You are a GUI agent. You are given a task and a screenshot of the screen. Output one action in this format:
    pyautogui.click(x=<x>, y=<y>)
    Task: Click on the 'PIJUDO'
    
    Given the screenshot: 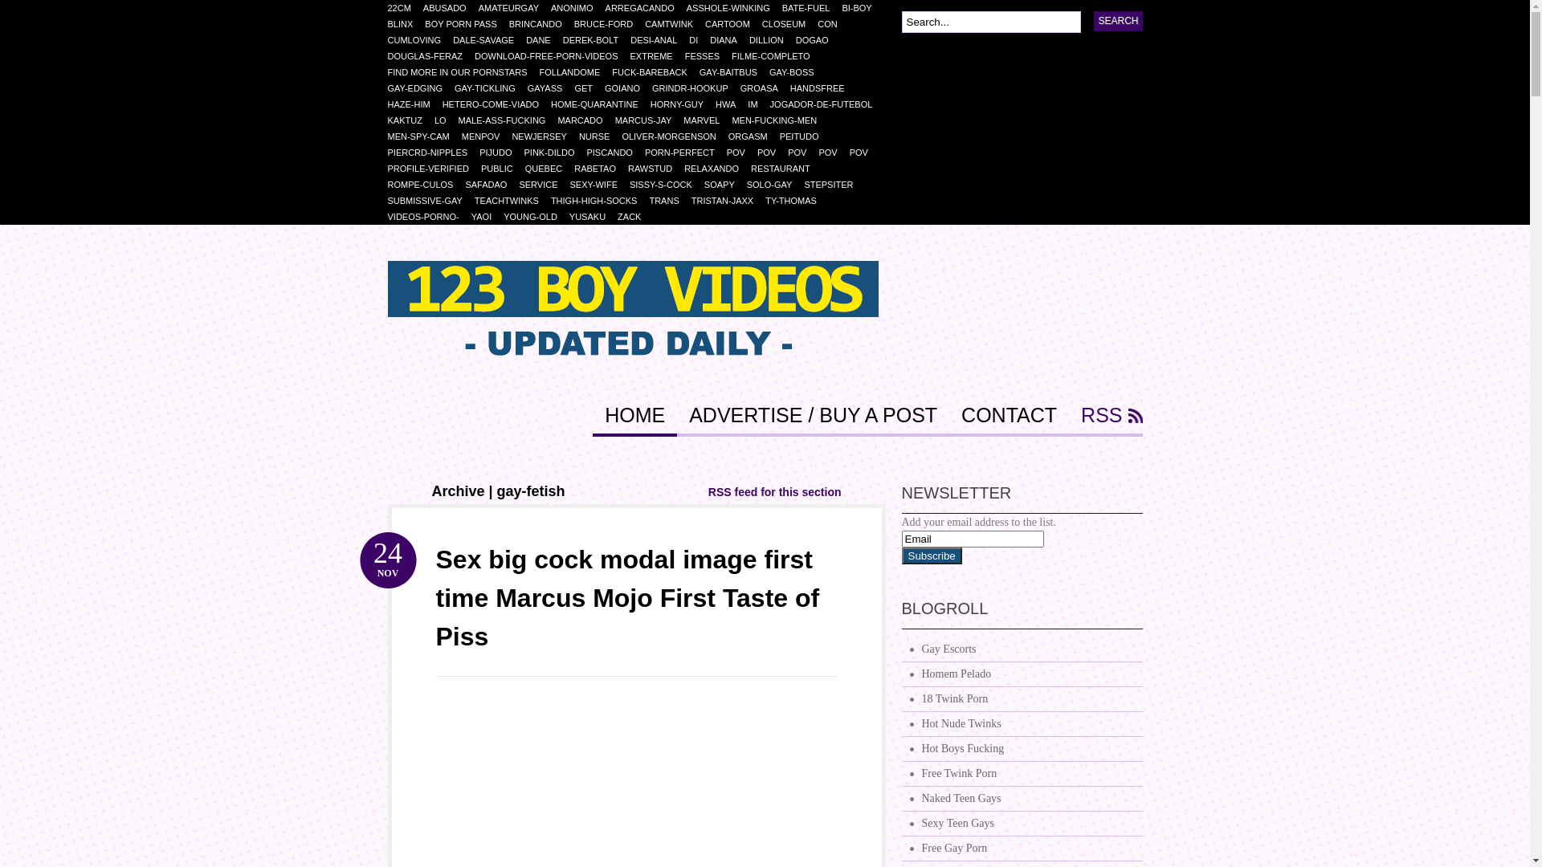 What is the action you would take?
    pyautogui.click(x=500, y=152)
    